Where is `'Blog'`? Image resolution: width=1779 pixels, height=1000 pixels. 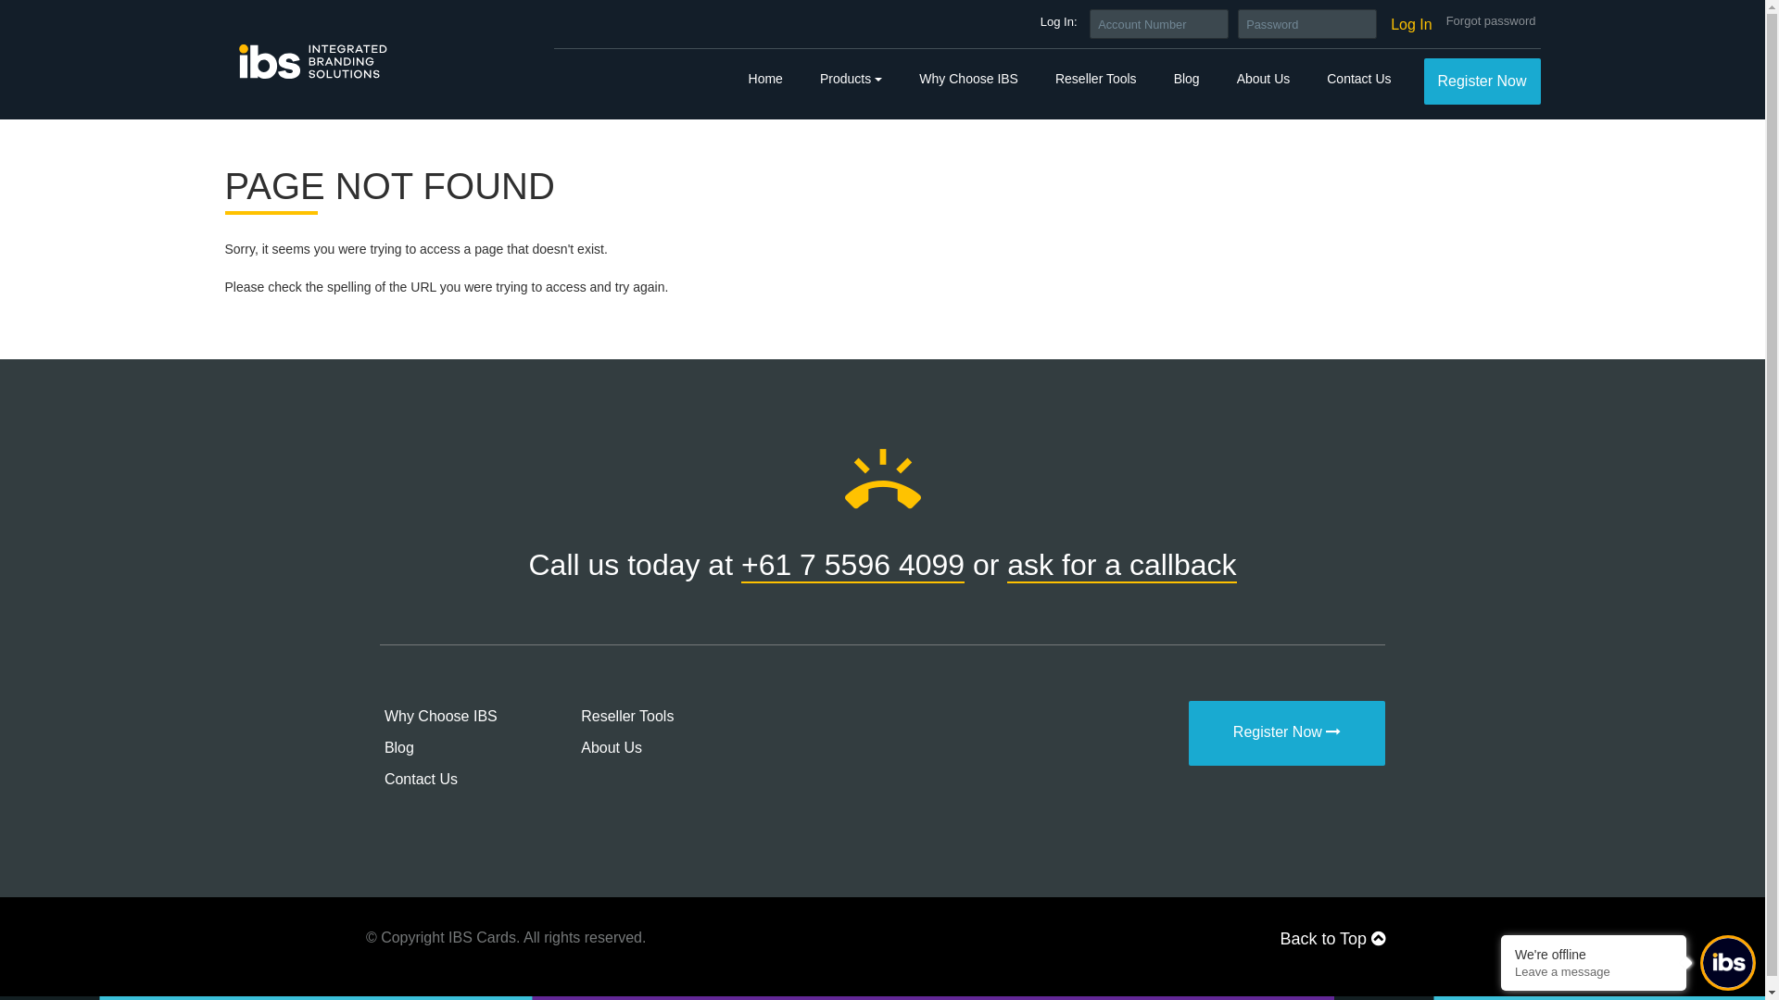
'Blog' is located at coordinates (383, 745).